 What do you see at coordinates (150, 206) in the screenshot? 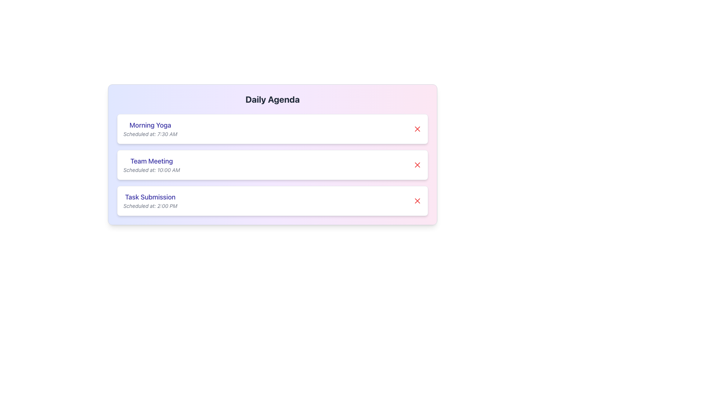
I see `the text label that displays supplementary information about the timing of the 'Task Submission' agenda item in the 'Daily Agenda' list` at bounding box center [150, 206].